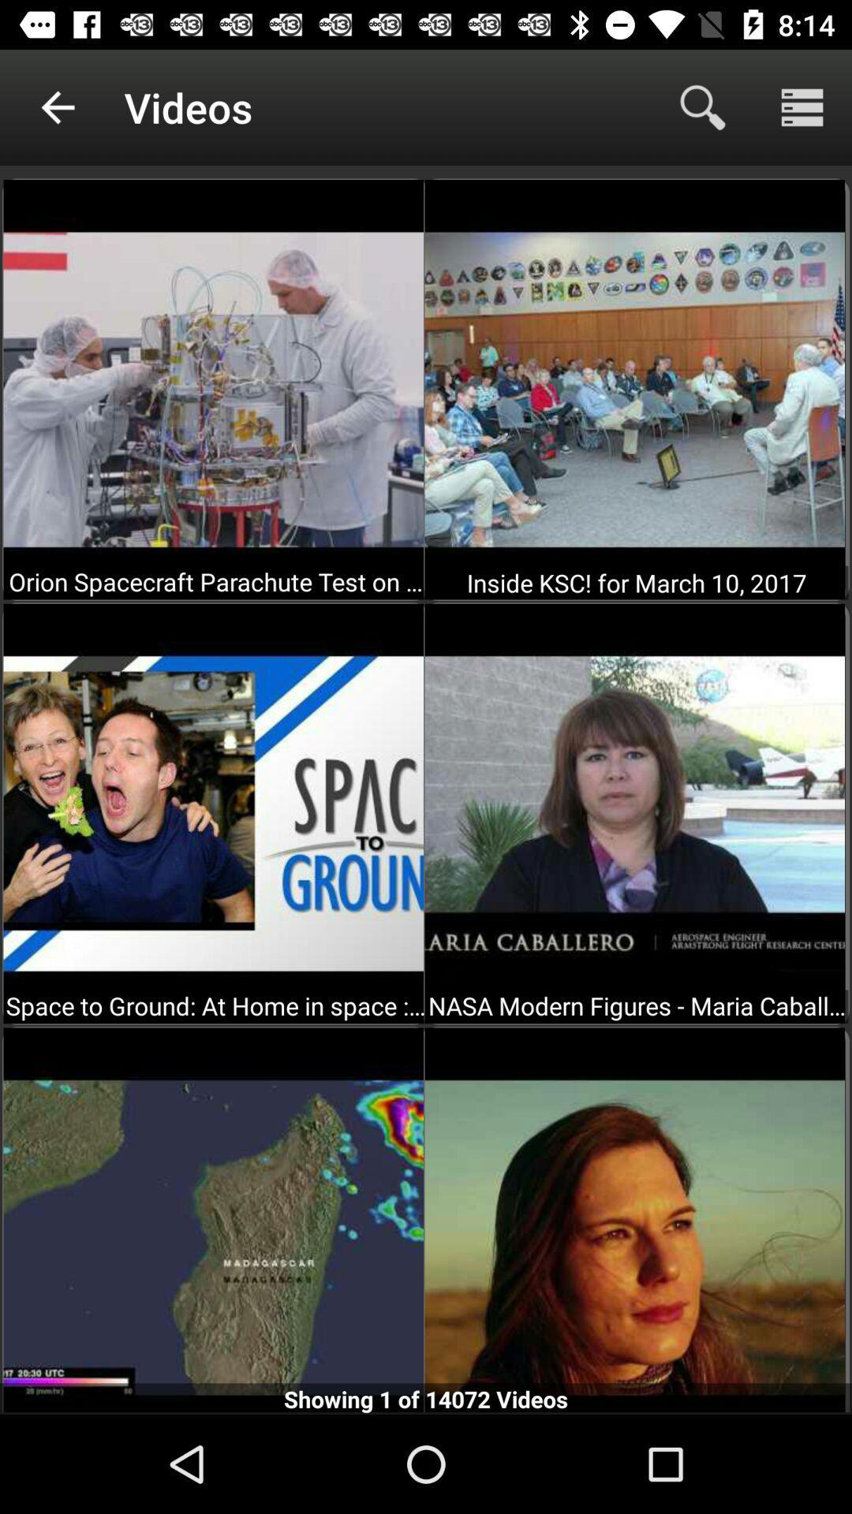 This screenshot has height=1514, width=852. Describe the element at coordinates (57, 106) in the screenshot. I see `icon to the left of the videos item` at that location.